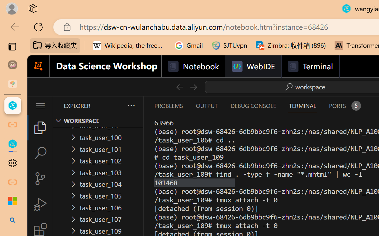  What do you see at coordinates (253, 66) in the screenshot?
I see `'WebIDE'` at bounding box center [253, 66].